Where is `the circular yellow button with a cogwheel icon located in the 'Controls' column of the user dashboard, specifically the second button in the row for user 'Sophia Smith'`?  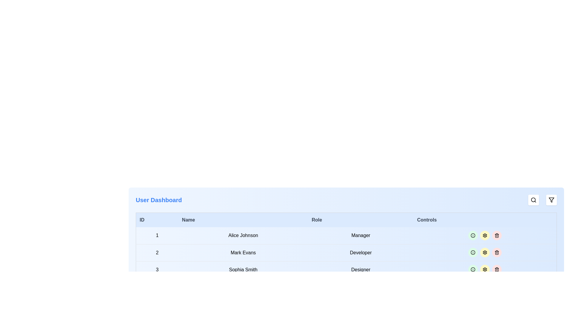
the circular yellow button with a cogwheel icon located in the 'Controls' column of the user dashboard, specifically the second button in the row for user 'Sophia Smith' is located at coordinates (485, 235).